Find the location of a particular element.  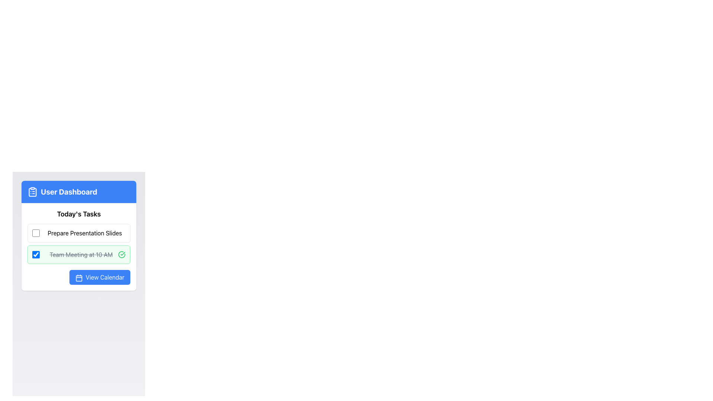

the clipboard icon with a checklist on the User Dashboard, located at the top-left corner of the blue background banner is located at coordinates (32, 192).